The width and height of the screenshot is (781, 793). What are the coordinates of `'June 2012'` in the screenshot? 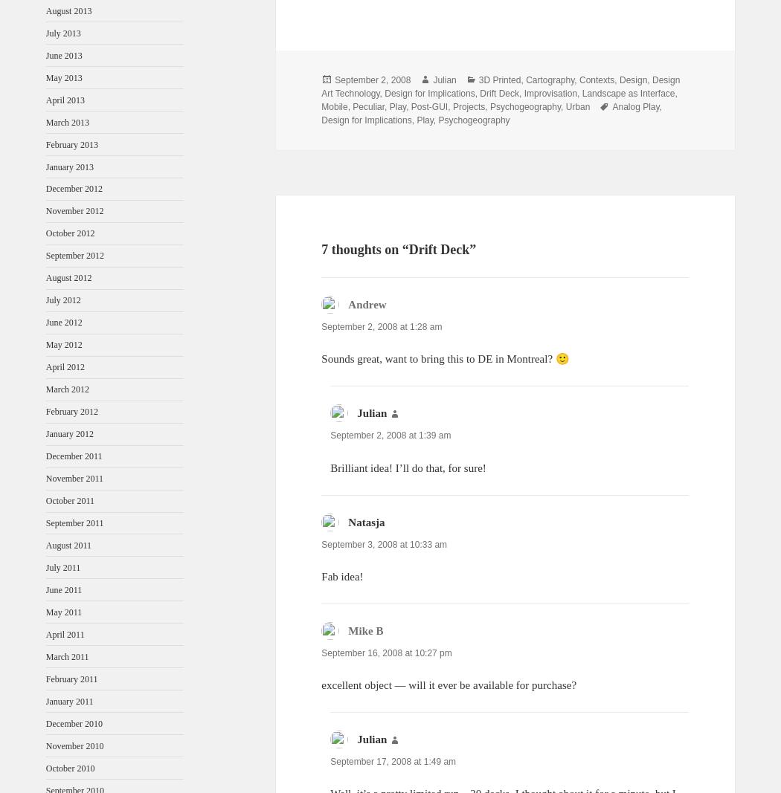 It's located at (63, 321).